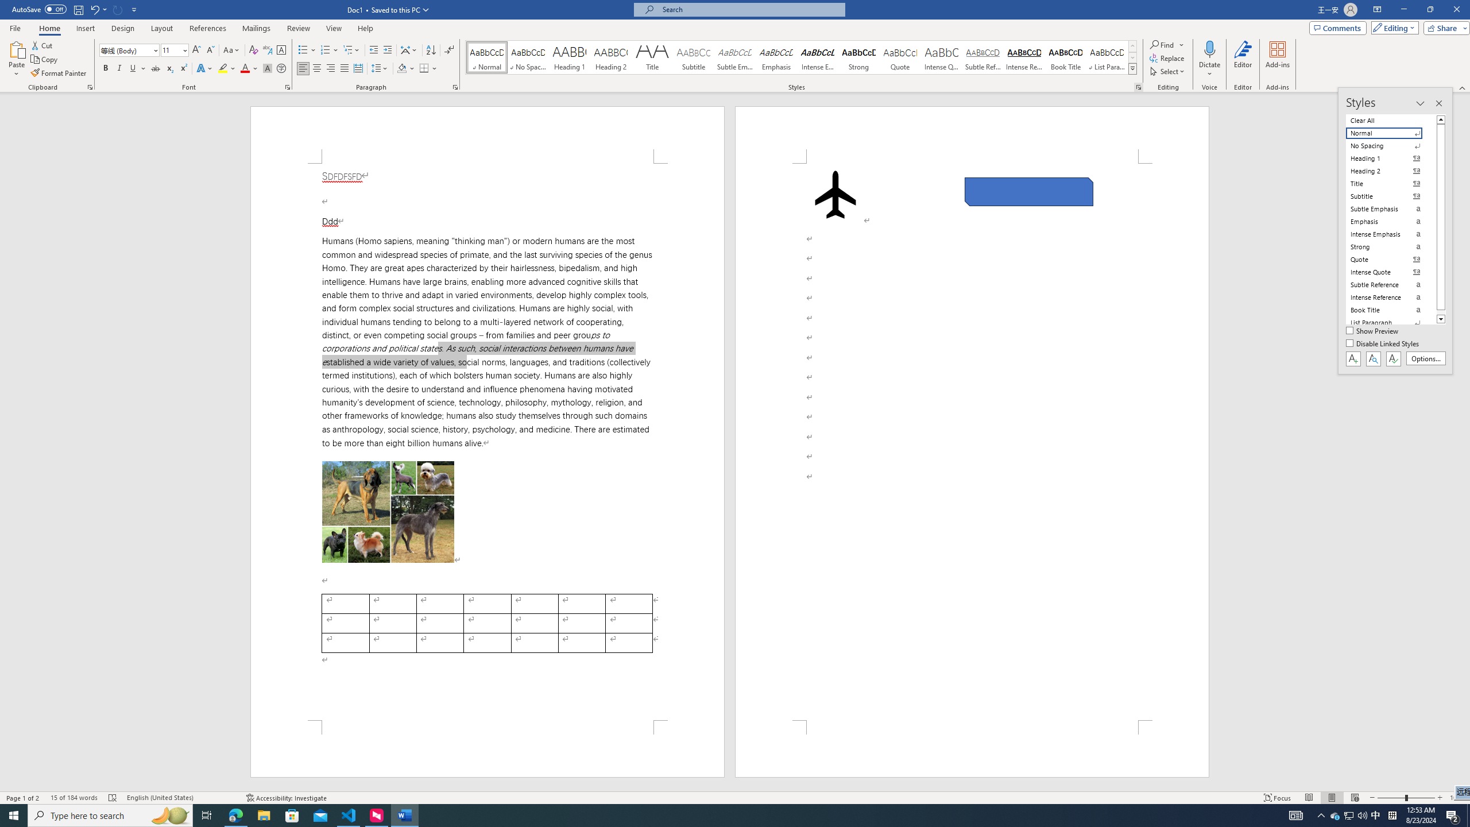 Image resolution: width=1470 pixels, height=827 pixels. What do you see at coordinates (1392, 27) in the screenshot?
I see `'Editing'` at bounding box center [1392, 27].